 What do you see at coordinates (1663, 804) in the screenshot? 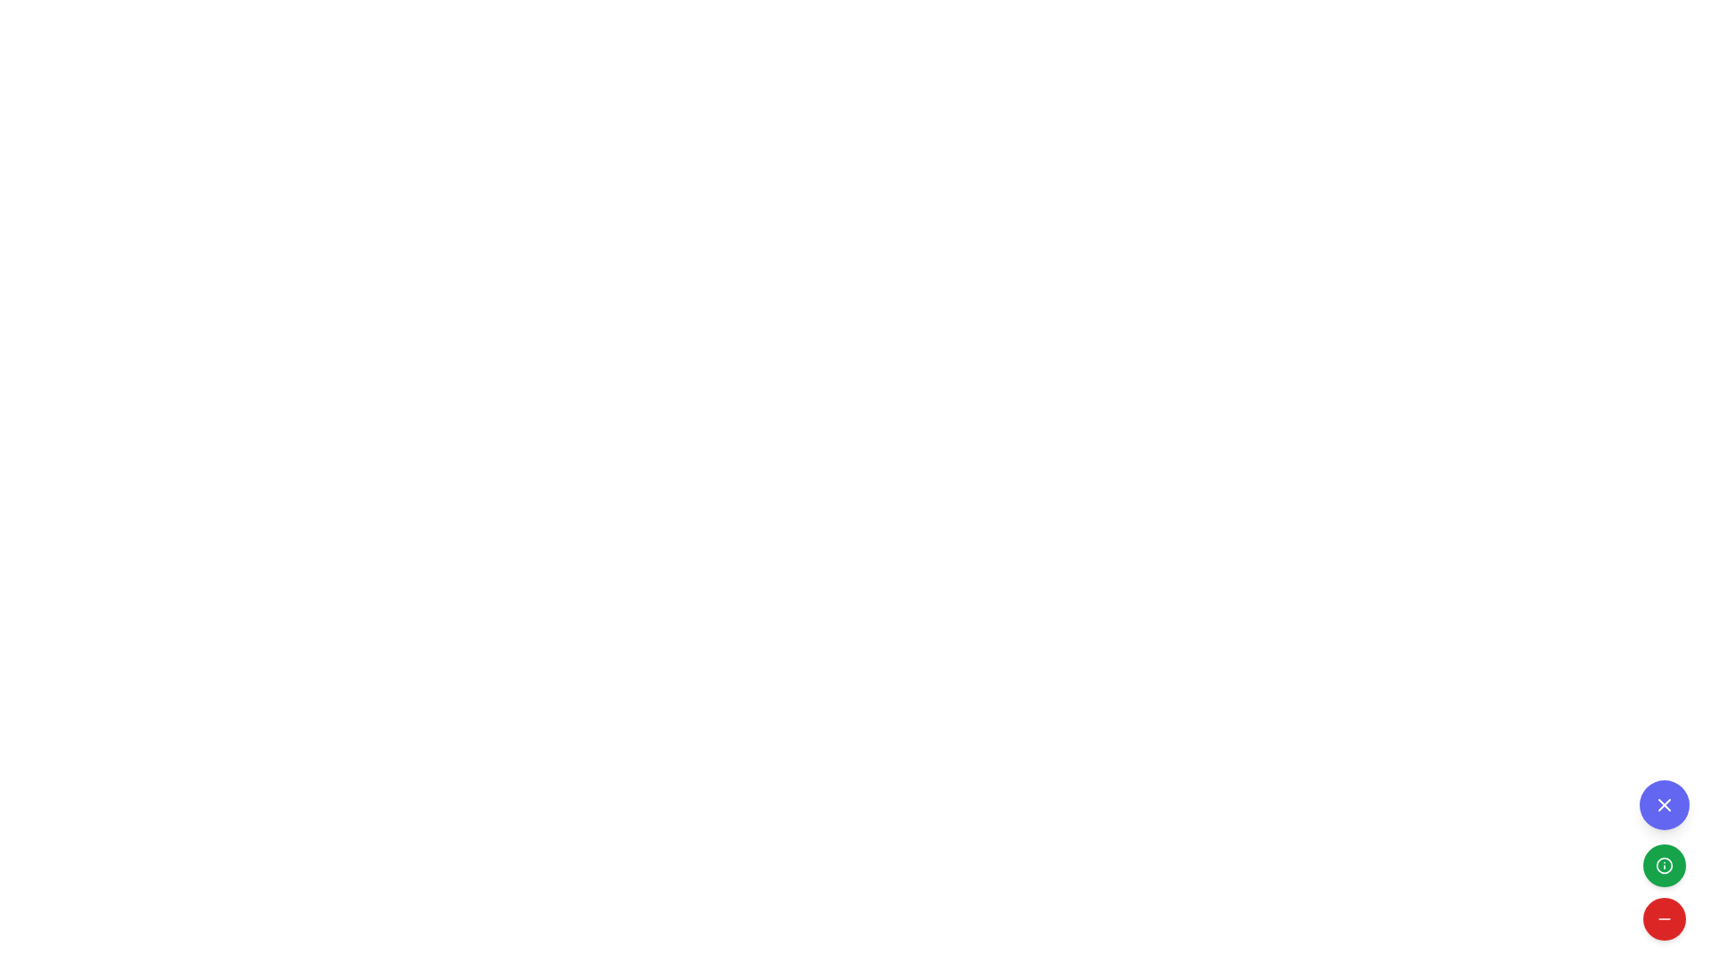
I see `the top circular button with a blue fill that contains a diagonal line at its center, which is part of the 'X' icon indicating a close or cancel action` at bounding box center [1663, 804].